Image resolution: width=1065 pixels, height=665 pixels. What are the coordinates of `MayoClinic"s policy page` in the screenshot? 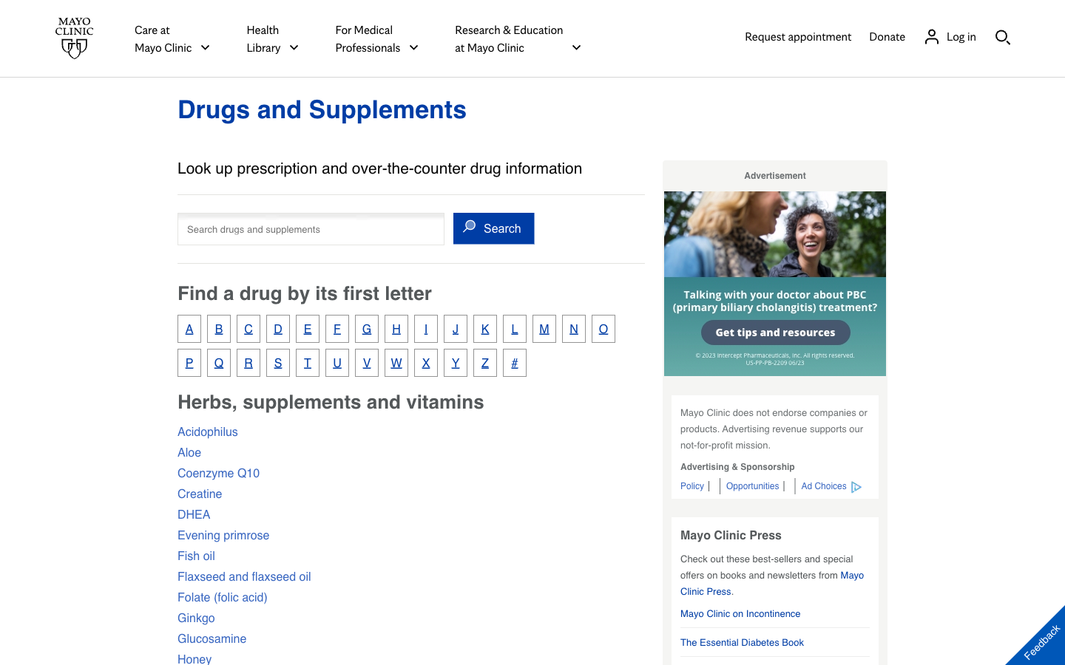 It's located at (694, 485).